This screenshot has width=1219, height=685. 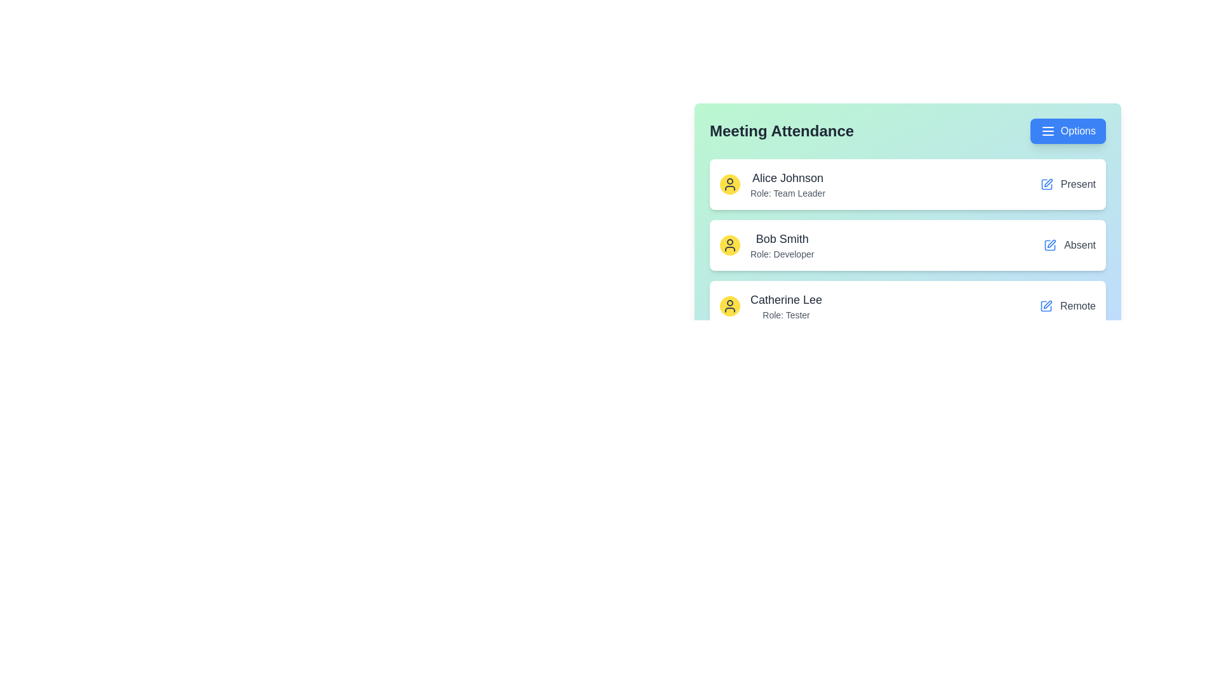 What do you see at coordinates (782, 245) in the screenshot?
I see `name 'Bob Smith' and role 'Developer' displayed in bold and smaller font respectively, located in the center-right section of the interface within the second list item of attendees` at bounding box center [782, 245].